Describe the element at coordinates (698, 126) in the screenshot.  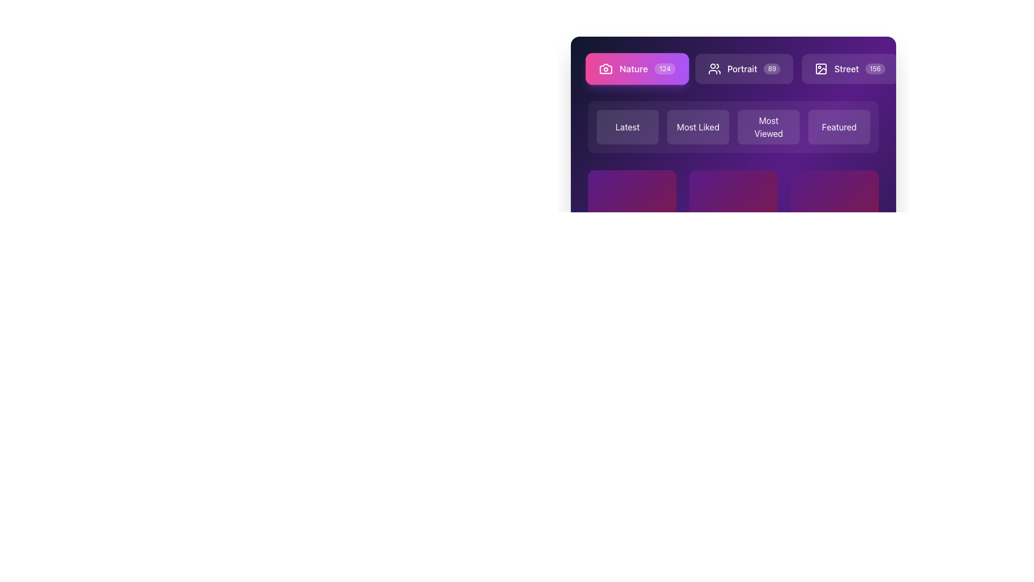
I see `the 'Most Liked' button, which is a text button with rounded corners and a semi-transparent background, located near the top-center of the interface, following the 'Latest' button` at that location.